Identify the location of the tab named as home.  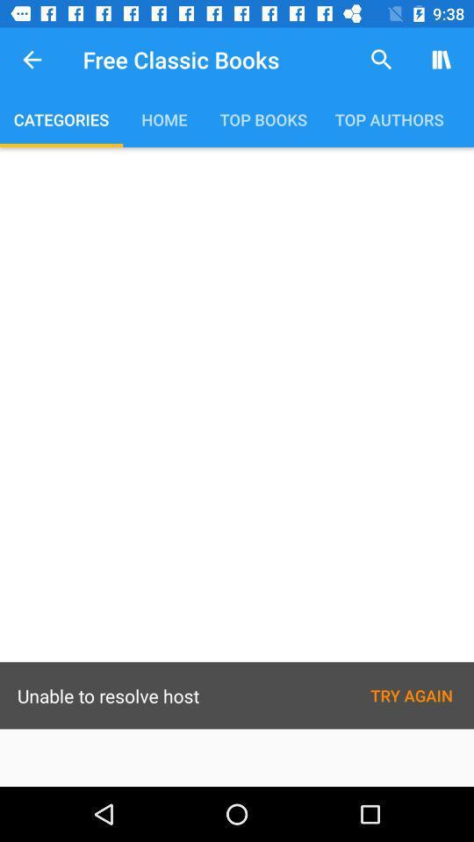
(164, 118).